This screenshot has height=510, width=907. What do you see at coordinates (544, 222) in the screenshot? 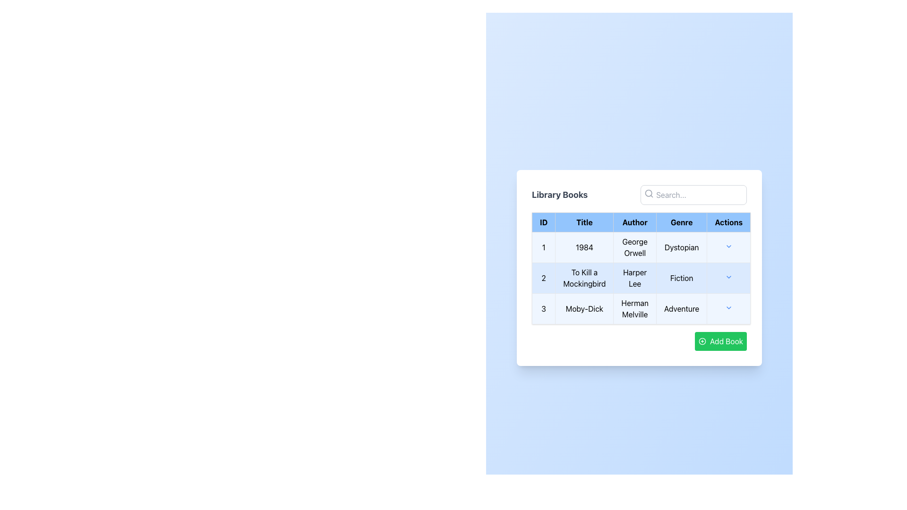
I see `the text label with the bold 'ID' in a rectangular box with a light blue background, located at the top-left corner of the table header` at bounding box center [544, 222].